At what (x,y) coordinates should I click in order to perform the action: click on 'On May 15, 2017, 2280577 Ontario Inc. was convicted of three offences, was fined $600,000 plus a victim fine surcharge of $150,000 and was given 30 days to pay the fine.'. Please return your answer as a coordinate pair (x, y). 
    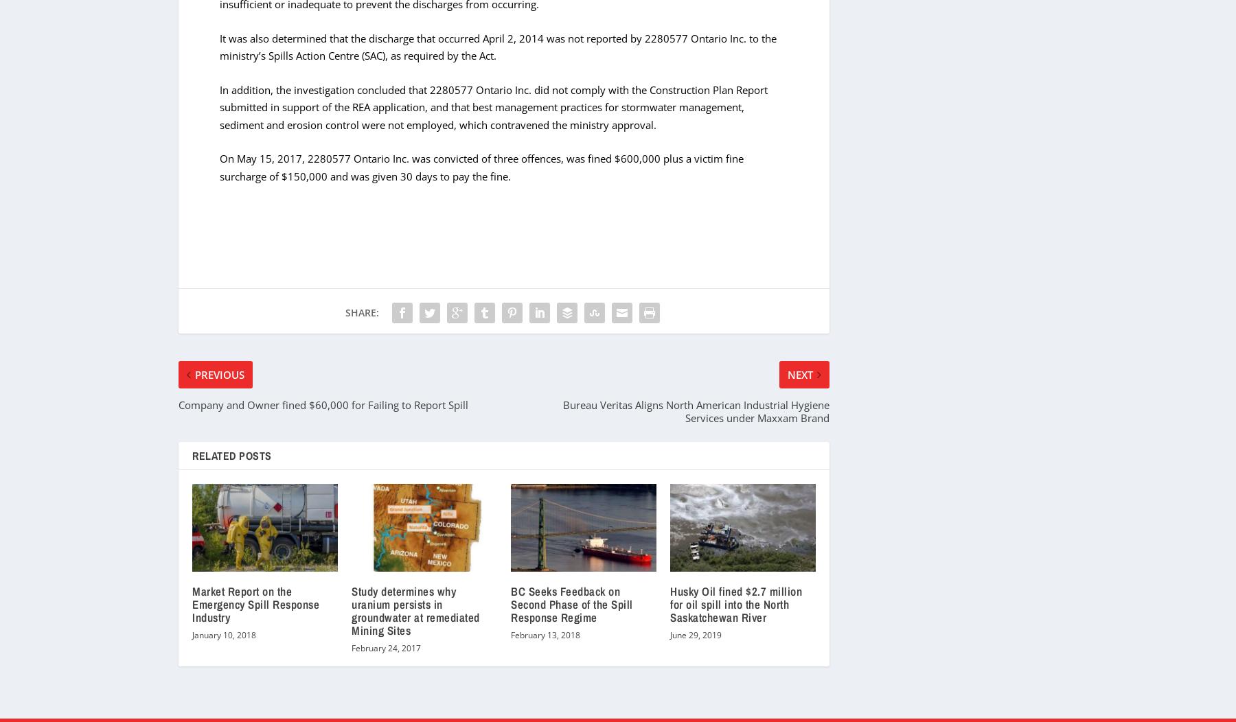
    Looking at the image, I should click on (481, 166).